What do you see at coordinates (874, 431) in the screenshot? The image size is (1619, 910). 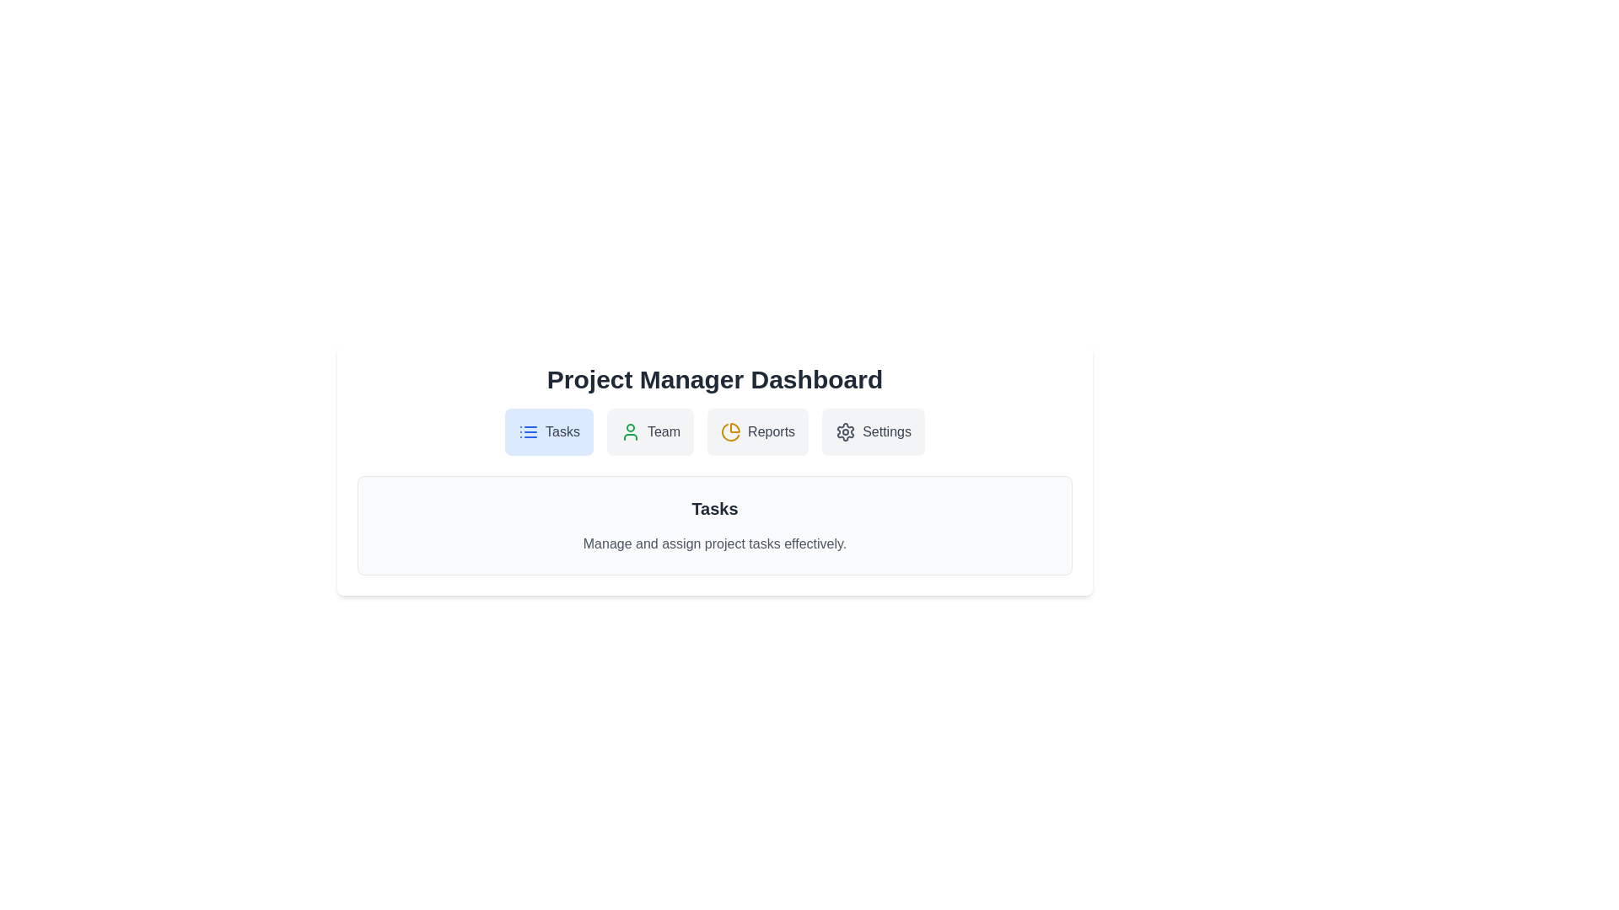 I see `the Settings tab` at bounding box center [874, 431].